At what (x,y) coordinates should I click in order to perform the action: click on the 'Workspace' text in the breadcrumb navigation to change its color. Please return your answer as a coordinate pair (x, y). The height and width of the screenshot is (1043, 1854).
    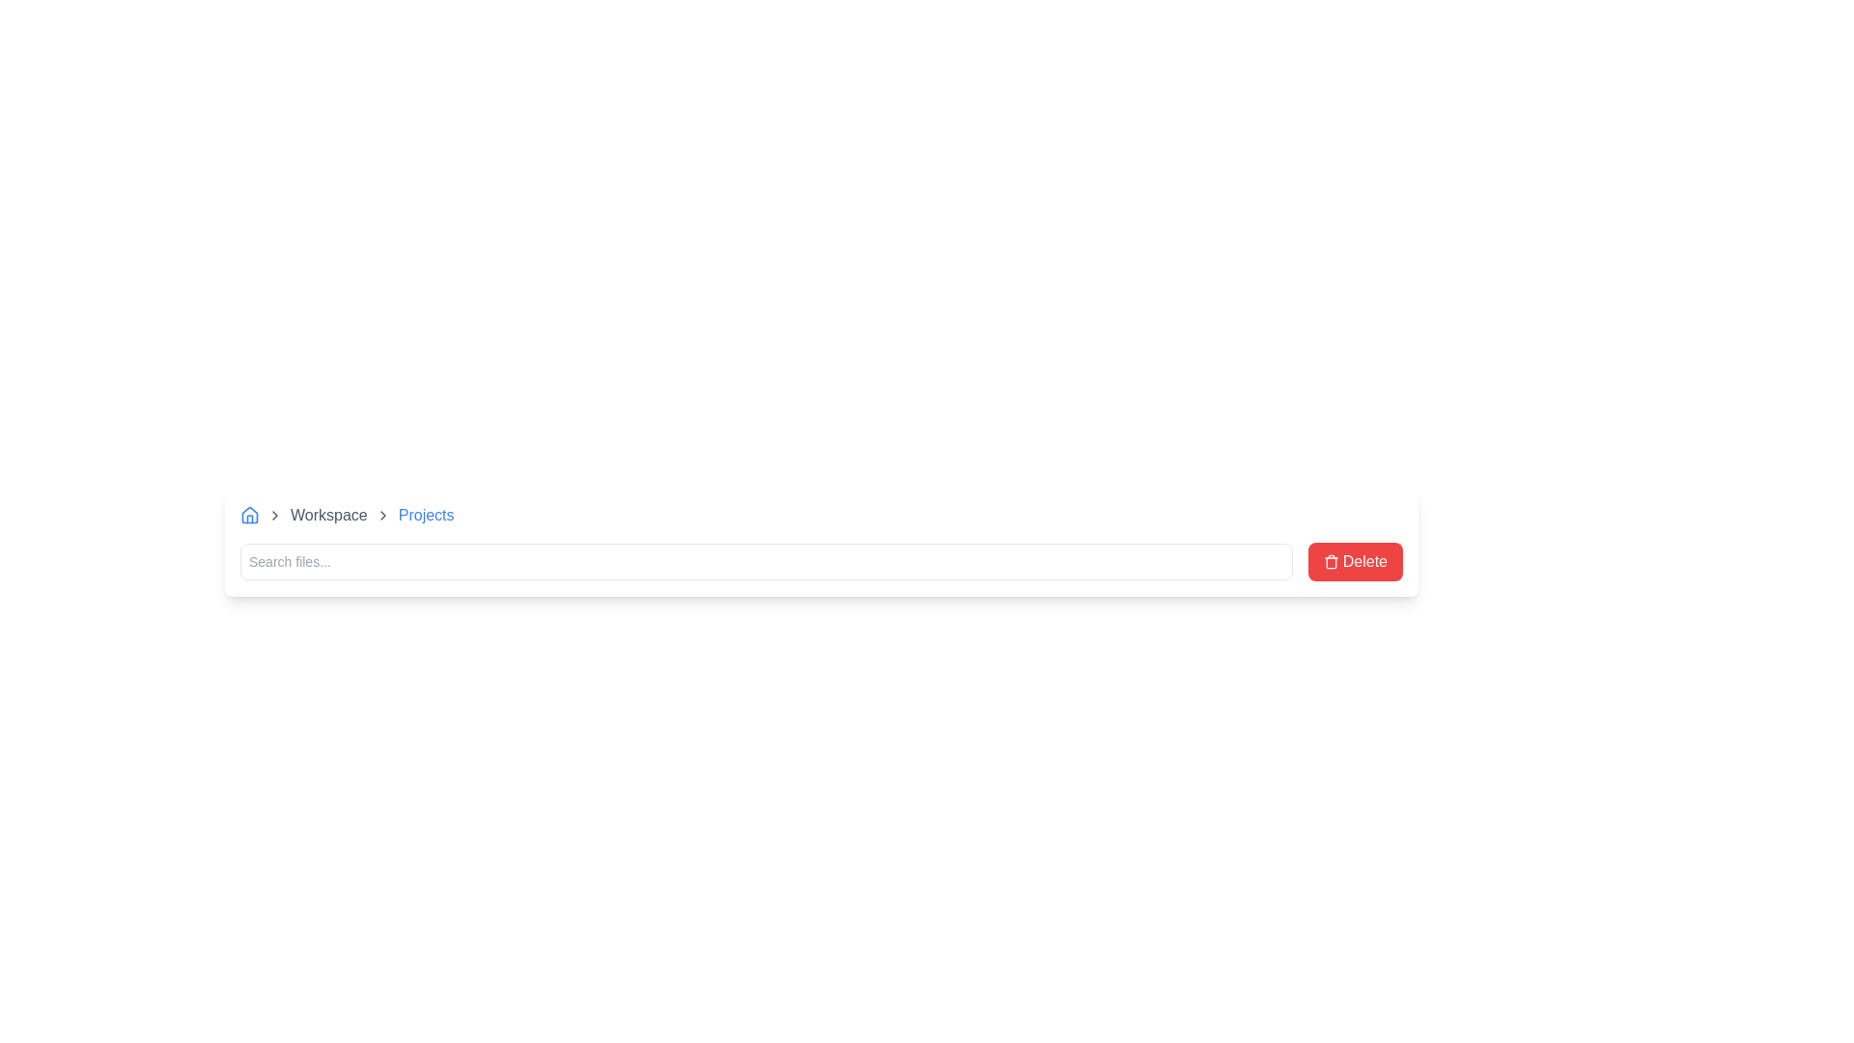
    Looking at the image, I should click on (328, 514).